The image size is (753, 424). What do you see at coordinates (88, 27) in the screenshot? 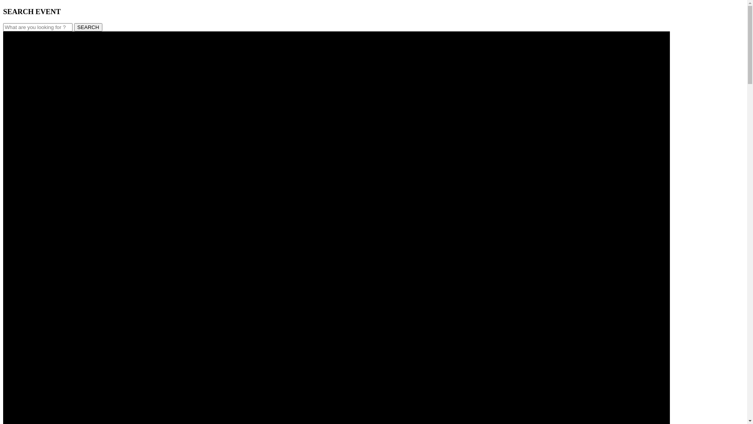
I see `'SEARCH'` at bounding box center [88, 27].